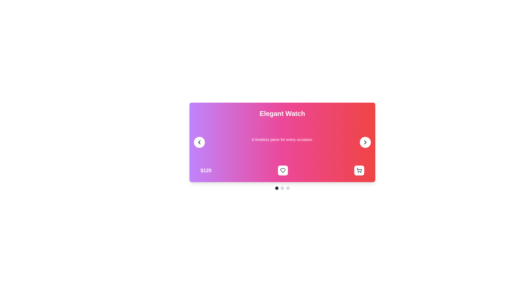 The width and height of the screenshot is (531, 298). Describe the element at coordinates (359, 170) in the screenshot. I see `the shopping cart icon located at the bottom-right corner of the card-like layout, which features a simplistic cart outline in a linear-stroke style` at that location.